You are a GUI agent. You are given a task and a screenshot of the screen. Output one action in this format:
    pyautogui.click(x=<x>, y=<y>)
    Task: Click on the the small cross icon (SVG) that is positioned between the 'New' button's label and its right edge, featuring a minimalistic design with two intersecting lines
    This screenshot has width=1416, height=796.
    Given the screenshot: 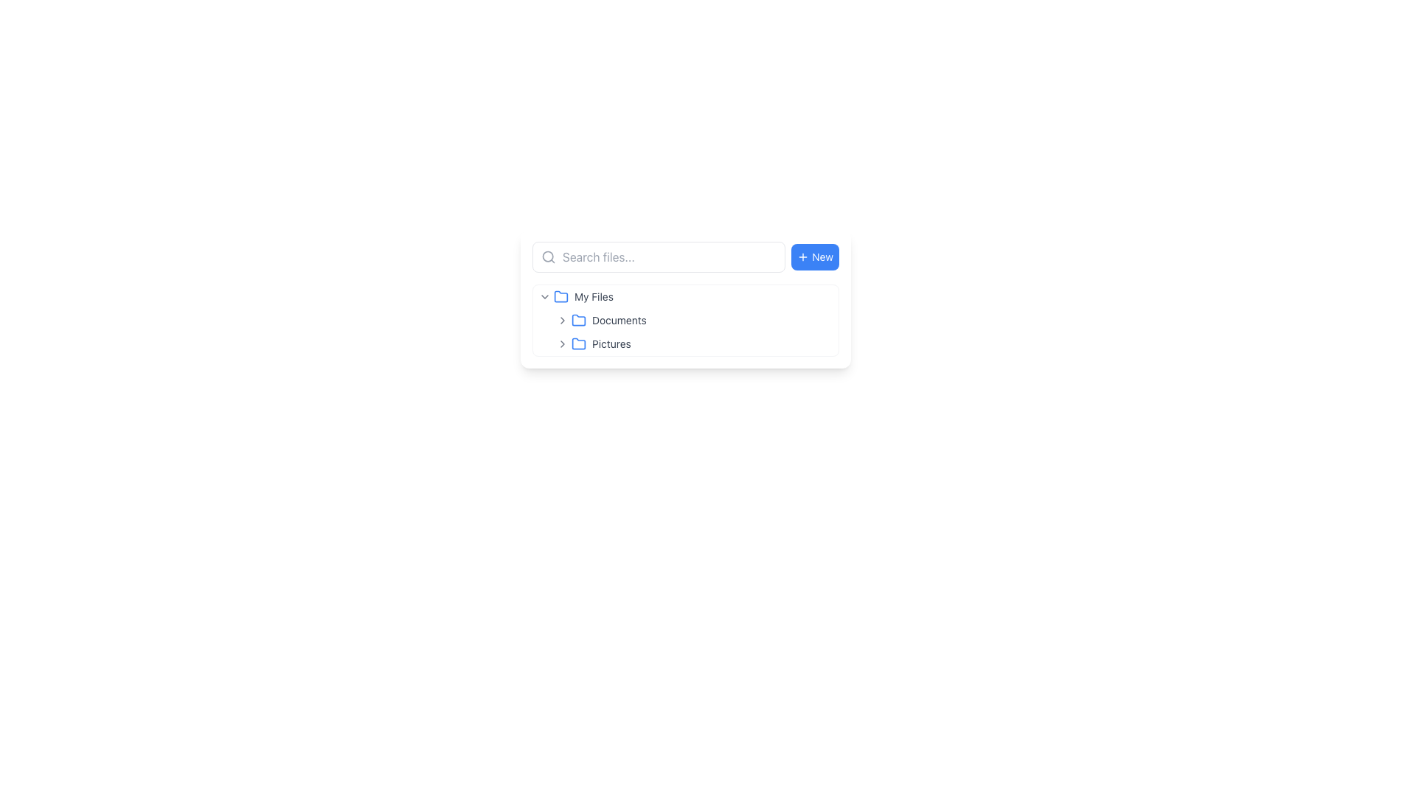 What is the action you would take?
    pyautogui.click(x=802, y=256)
    